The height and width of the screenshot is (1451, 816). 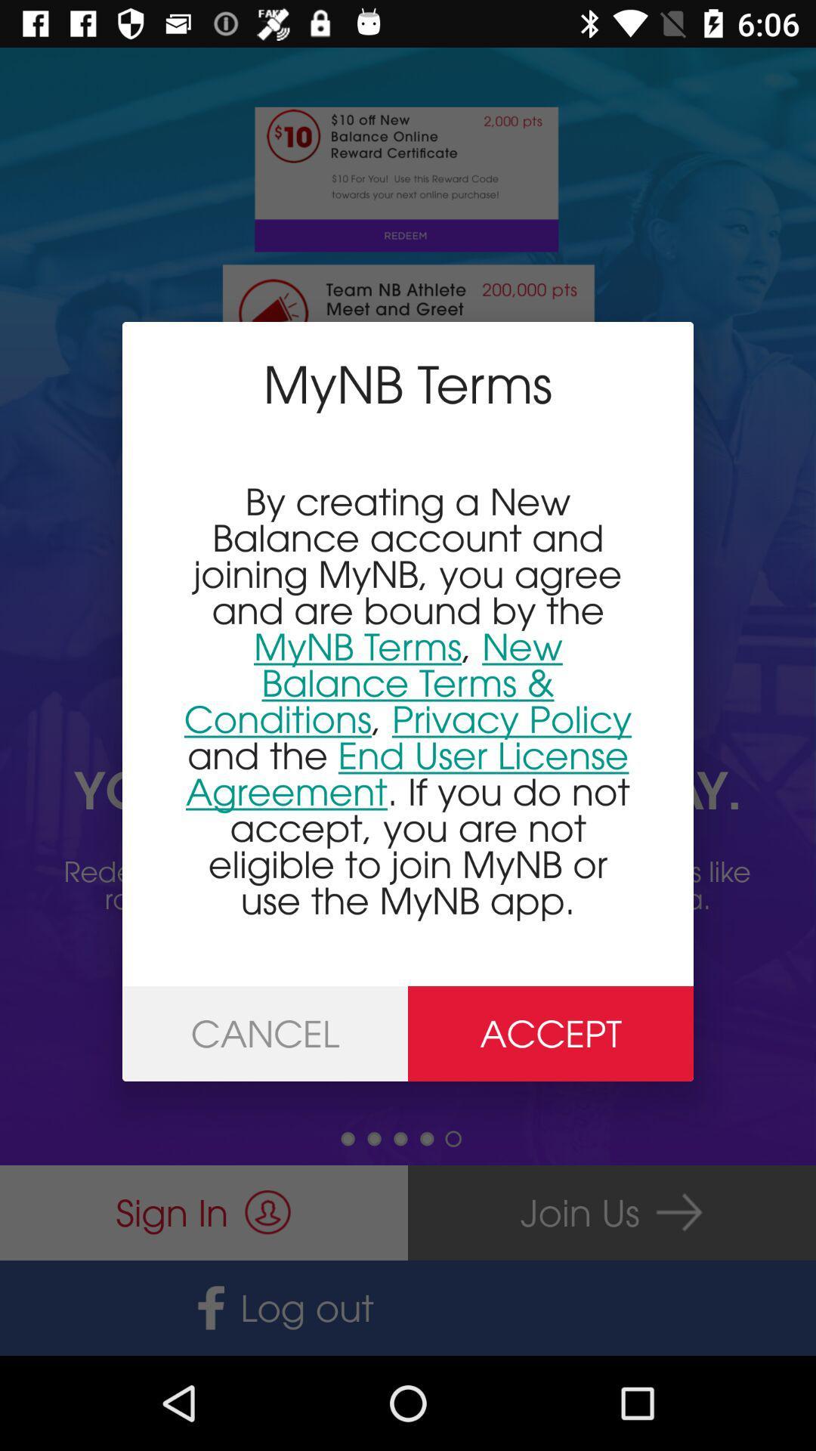 I want to click on the item next to the accept, so click(x=264, y=1033).